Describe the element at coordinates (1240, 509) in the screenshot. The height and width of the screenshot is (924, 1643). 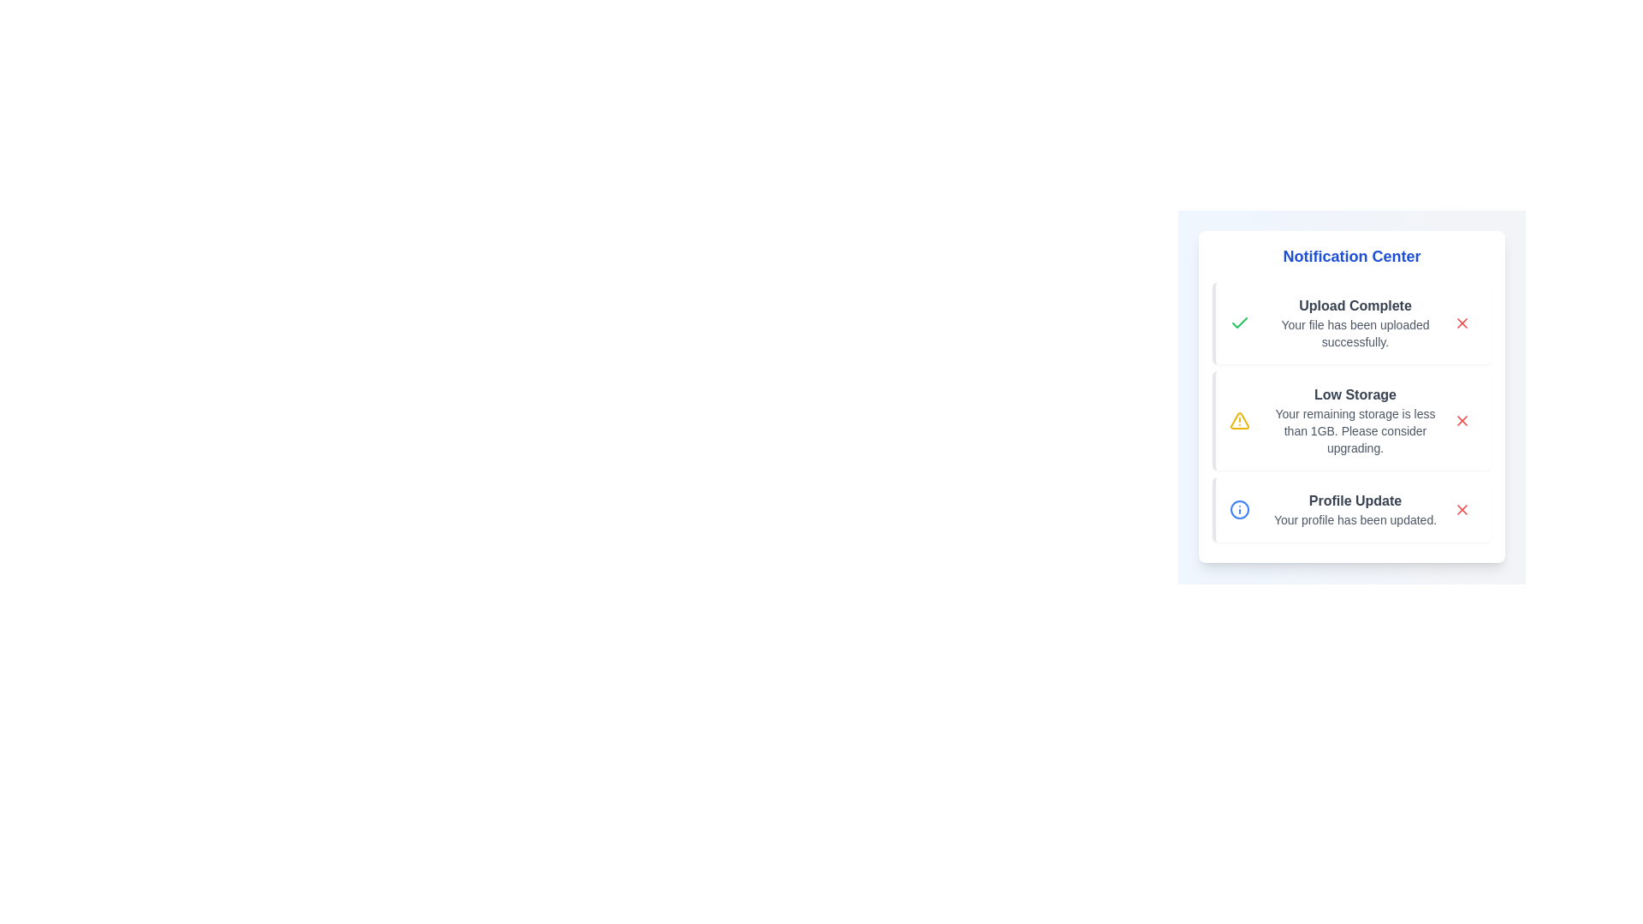
I see `the circular informational icon with a blue outline located to the left of the 'Profile Update' text in the third notification block of the notification panel` at that location.